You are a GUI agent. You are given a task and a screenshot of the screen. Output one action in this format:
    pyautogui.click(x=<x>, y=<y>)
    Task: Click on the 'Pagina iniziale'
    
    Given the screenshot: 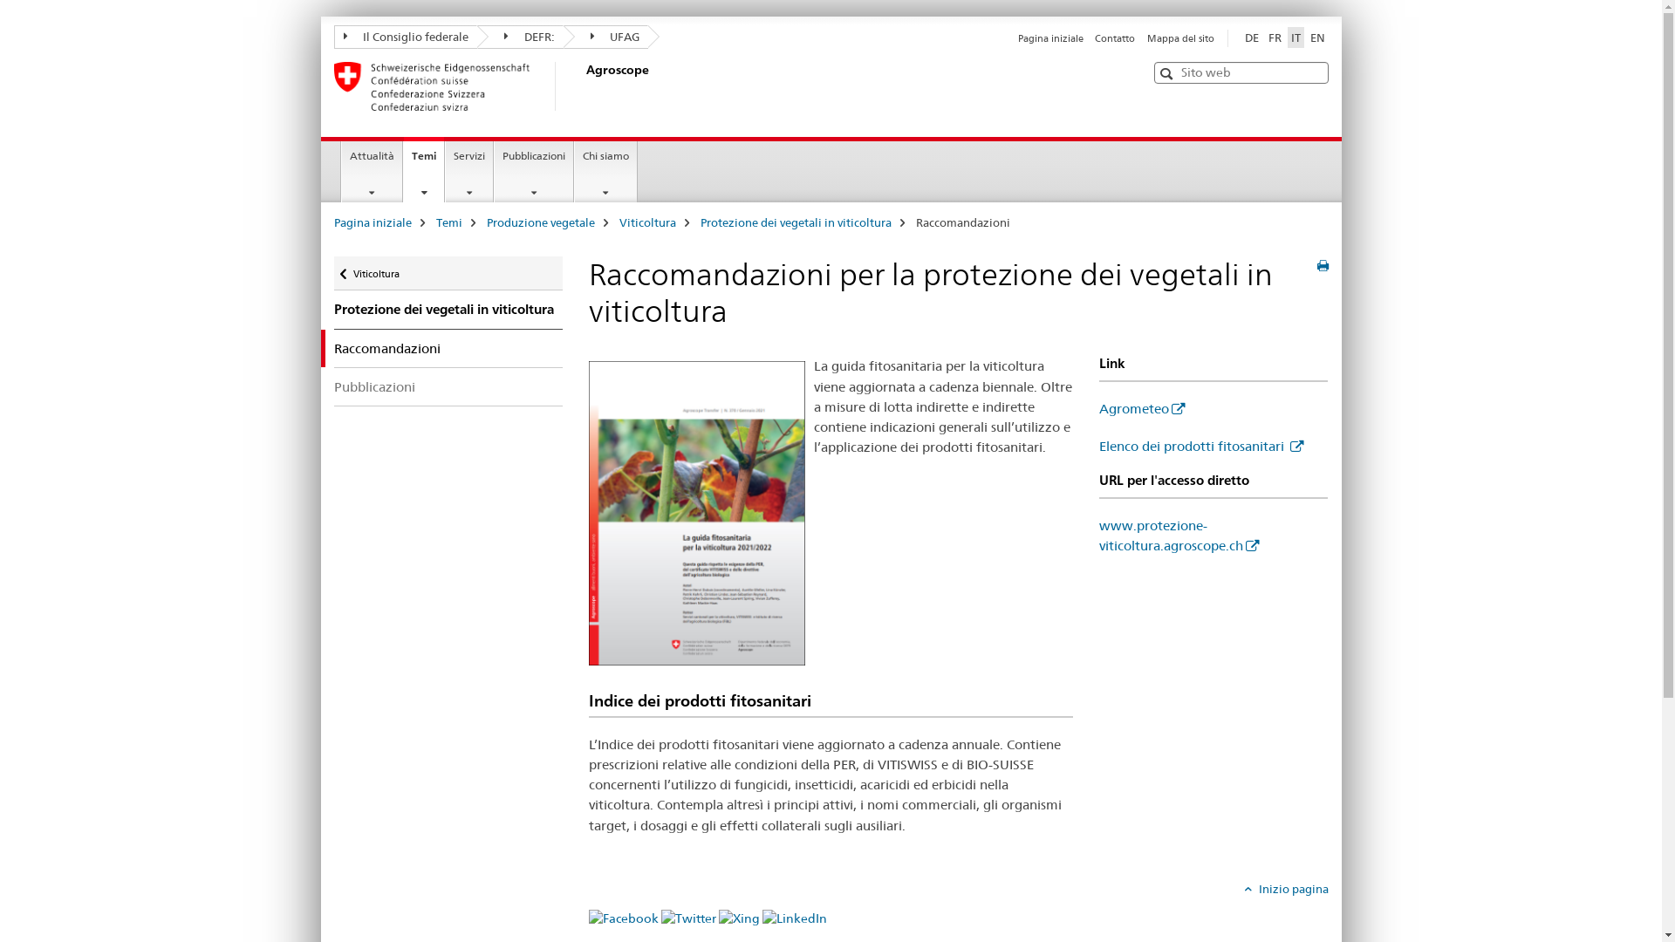 What is the action you would take?
    pyautogui.click(x=371, y=221)
    